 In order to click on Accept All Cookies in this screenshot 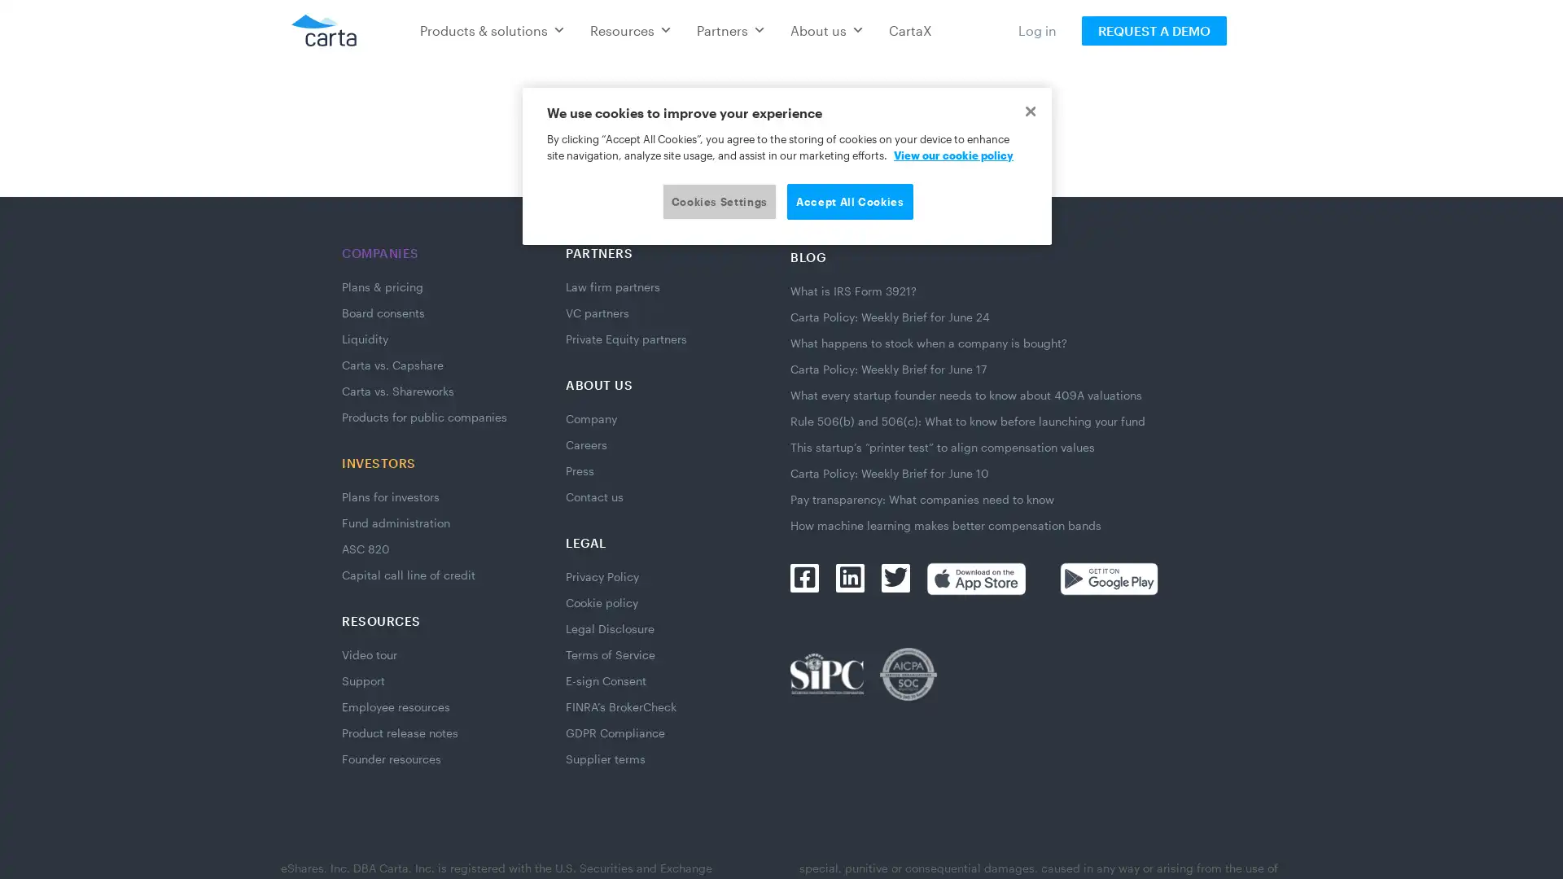, I will do `click(848, 200)`.